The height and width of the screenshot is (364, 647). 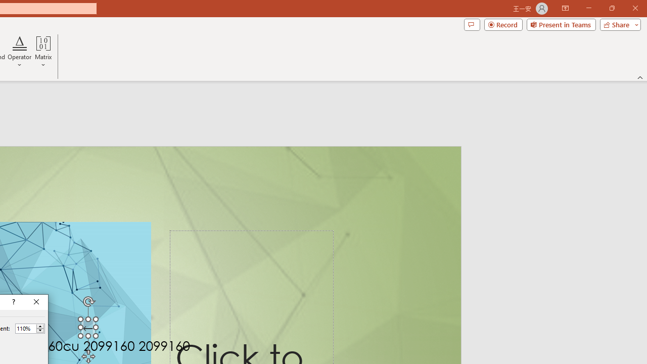 What do you see at coordinates (40, 326) in the screenshot?
I see `'More'` at bounding box center [40, 326].